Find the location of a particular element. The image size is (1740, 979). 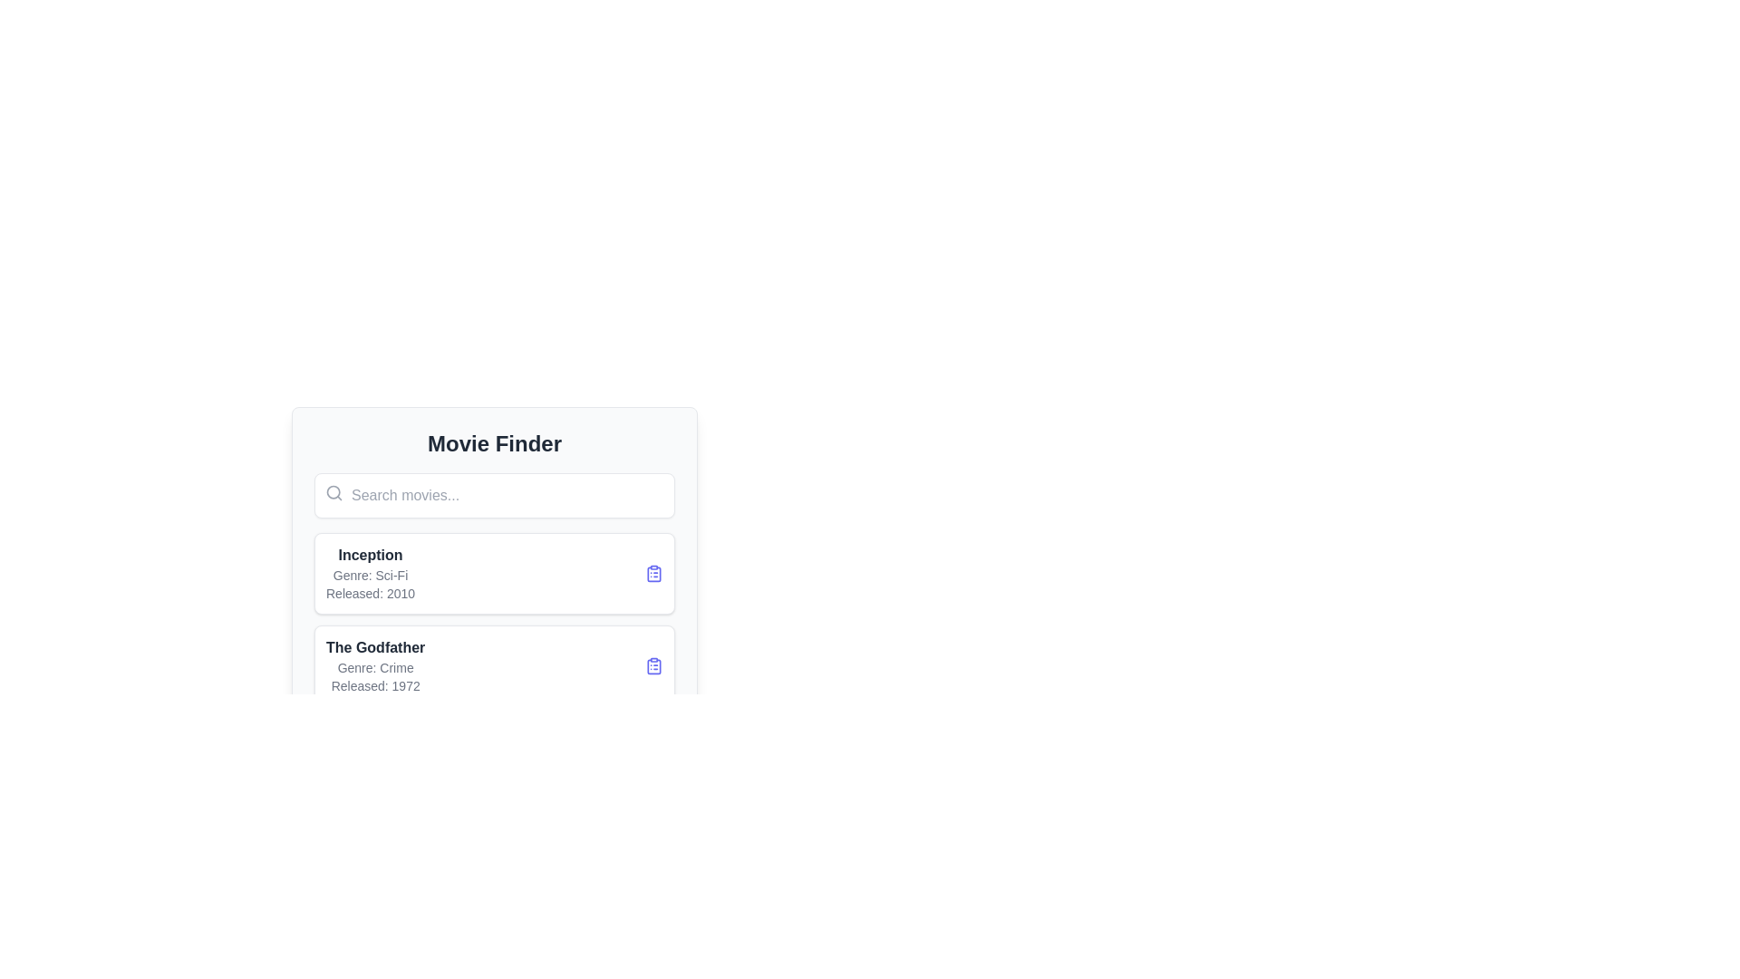

the Information display block showing movie details for 'The Godfather', which includes the title in bold dark gray and additional information in lighter gray is located at coordinates (374, 666).